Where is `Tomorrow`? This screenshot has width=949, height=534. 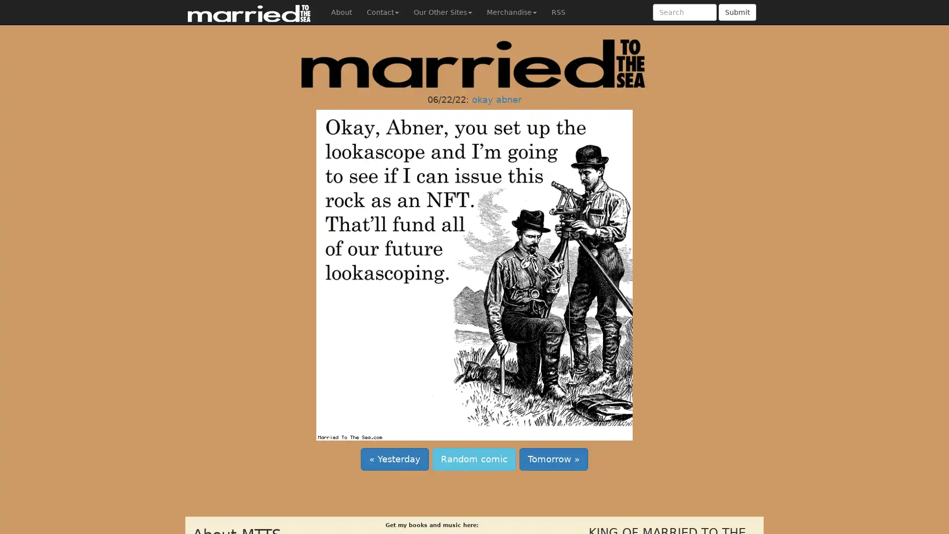
Tomorrow is located at coordinates (554, 459).